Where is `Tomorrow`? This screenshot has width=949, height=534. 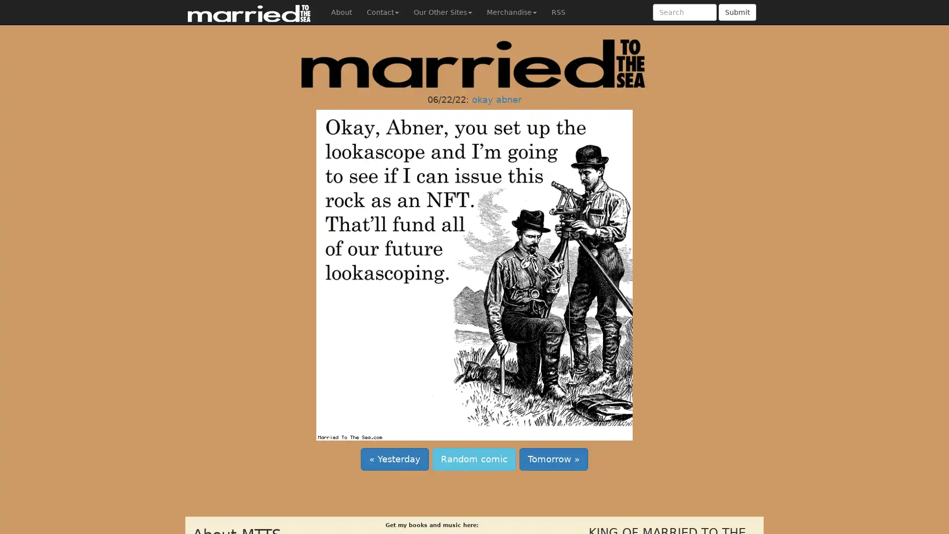
Tomorrow is located at coordinates (554, 459).